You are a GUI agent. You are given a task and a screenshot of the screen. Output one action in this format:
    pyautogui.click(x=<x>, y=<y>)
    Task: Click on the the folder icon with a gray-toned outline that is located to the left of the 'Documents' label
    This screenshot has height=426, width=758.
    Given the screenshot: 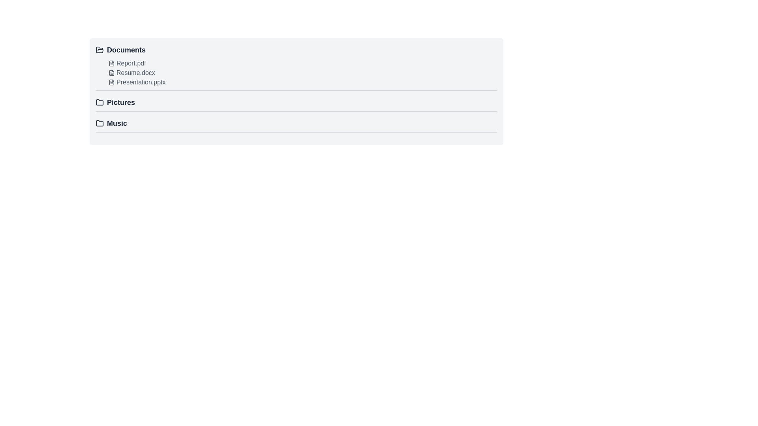 What is the action you would take?
    pyautogui.click(x=99, y=50)
    